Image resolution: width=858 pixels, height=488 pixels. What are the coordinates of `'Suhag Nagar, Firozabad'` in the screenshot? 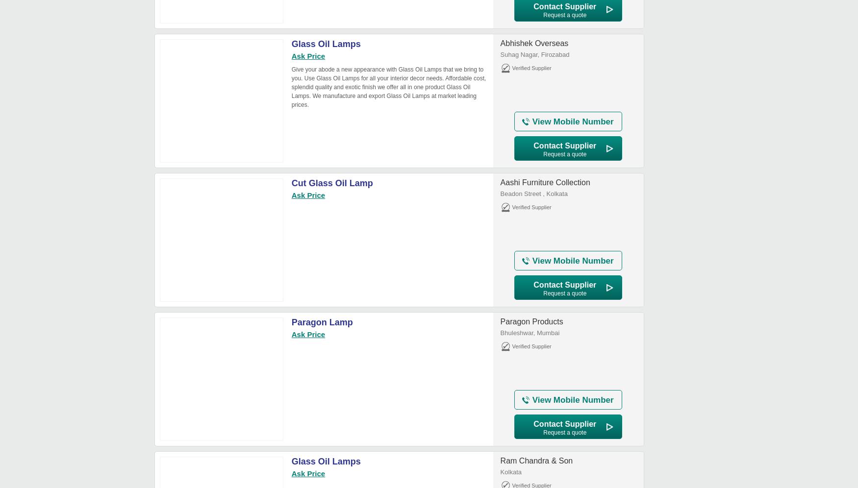 It's located at (534, 54).